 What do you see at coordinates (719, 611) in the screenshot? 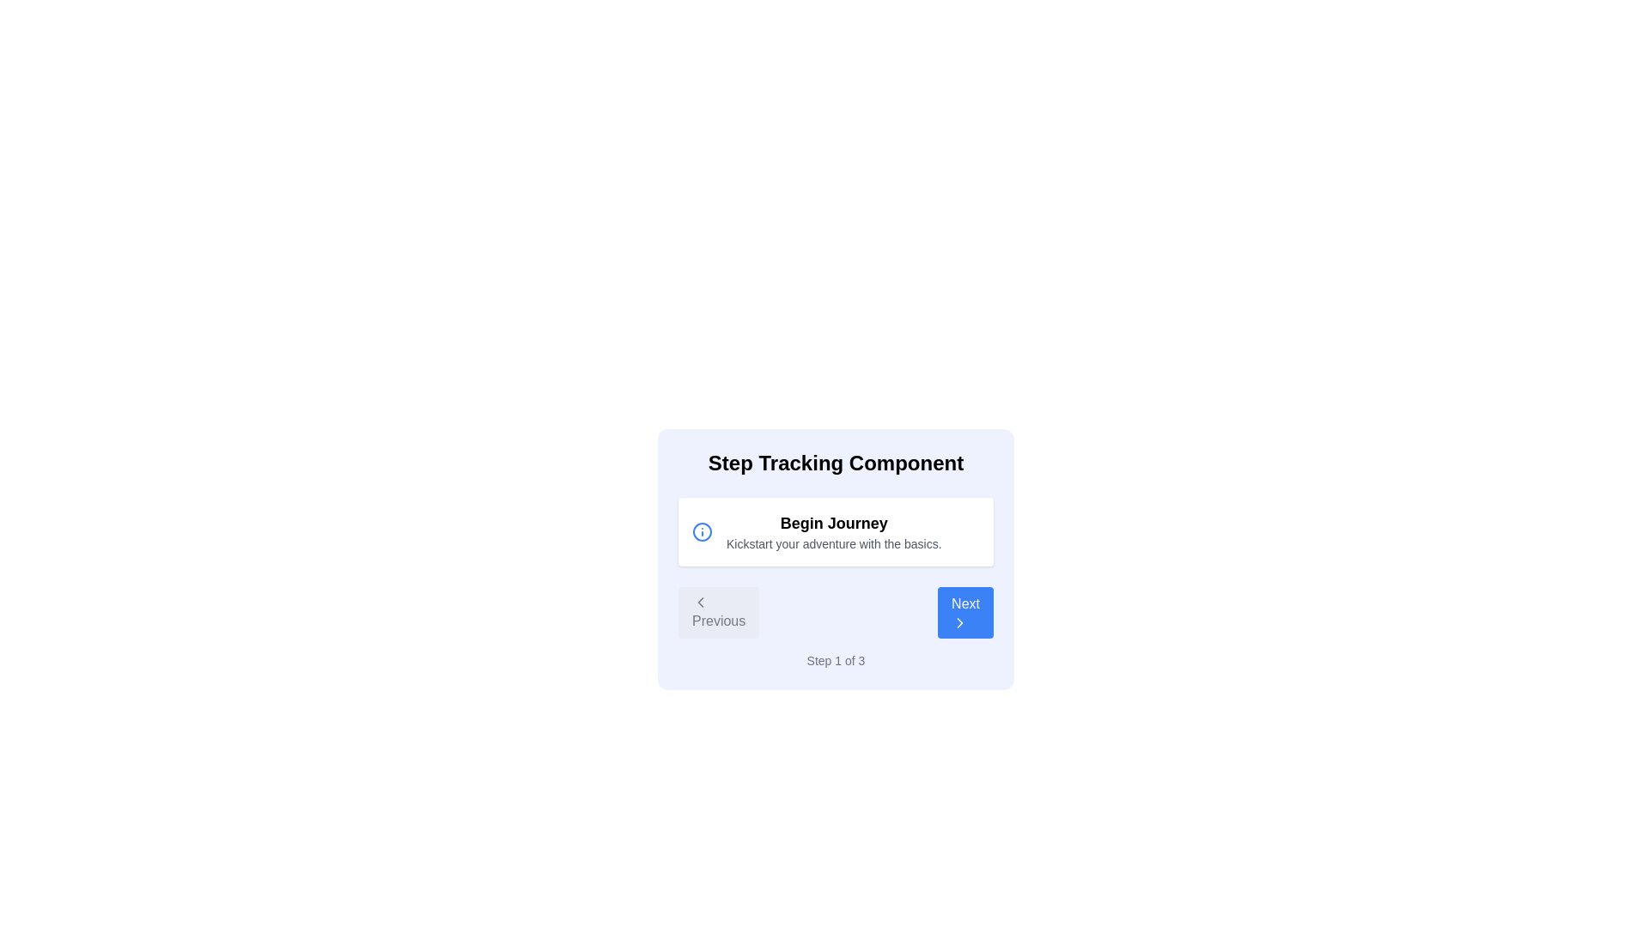
I see `the previous step navigation button located at the bottom left of the step tracking component for keyboard navigation` at bounding box center [719, 611].